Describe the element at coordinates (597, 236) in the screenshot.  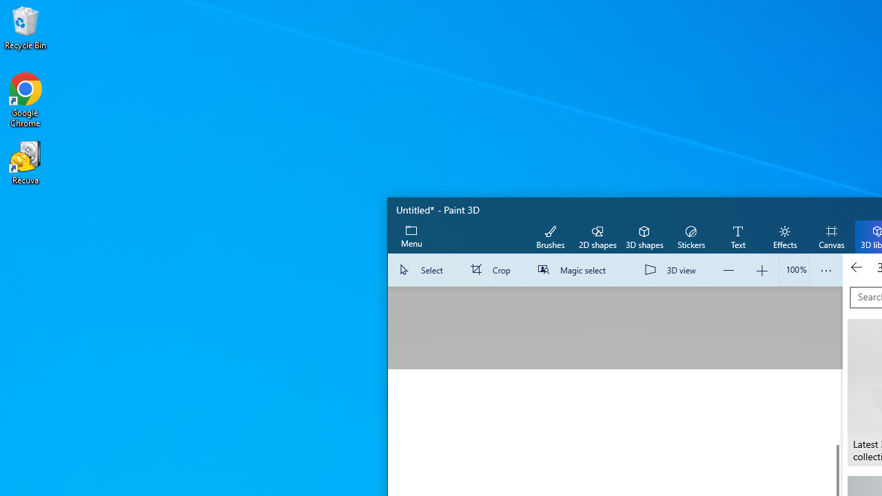
I see `'2D shapes'` at that location.